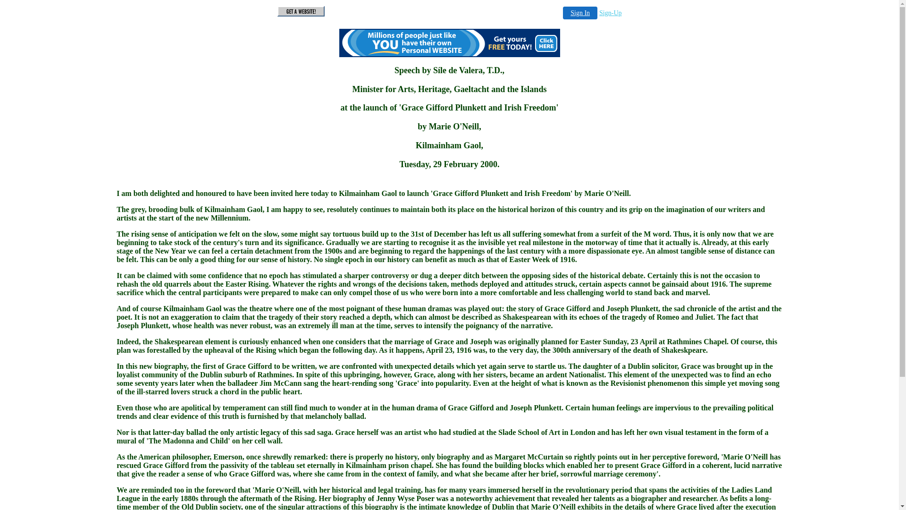 The height and width of the screenshot is (510, 906). Describe the element at coordinates (599, 13) in the screenshot. I see `'Sign-Up'` at that location.